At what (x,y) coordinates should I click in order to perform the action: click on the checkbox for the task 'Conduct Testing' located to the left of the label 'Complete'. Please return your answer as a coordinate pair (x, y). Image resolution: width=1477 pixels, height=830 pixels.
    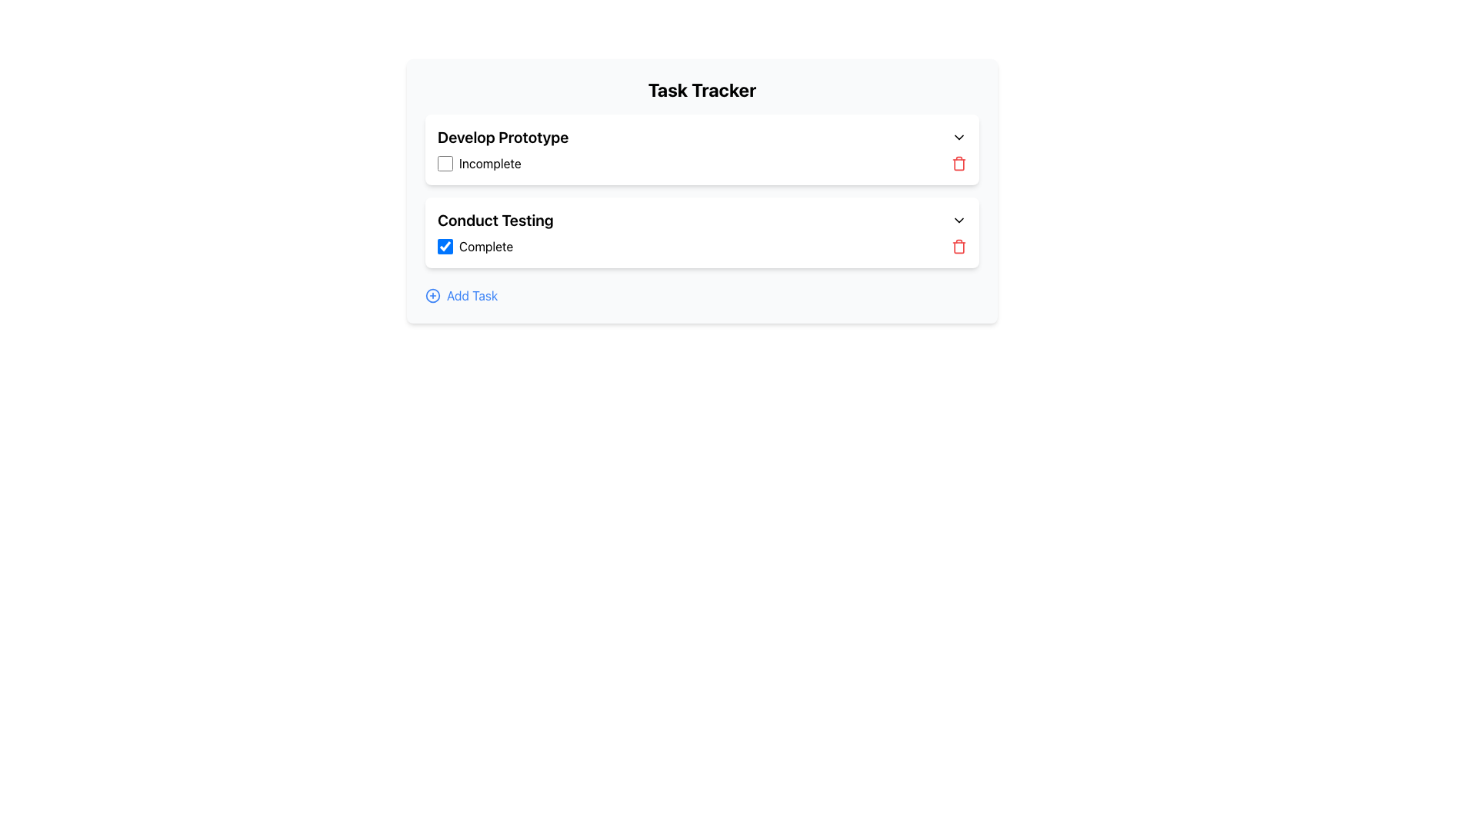
    Looking at the image, I should click on (445, 245).